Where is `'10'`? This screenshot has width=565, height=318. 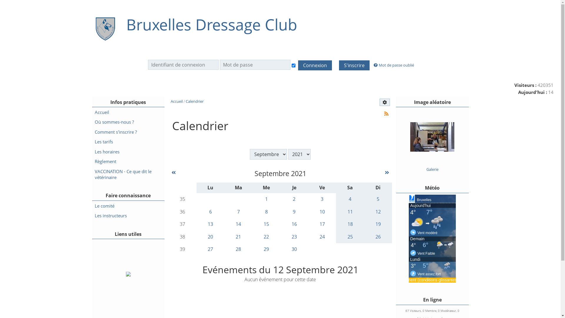 '10' is located at coordinates (322, 211).